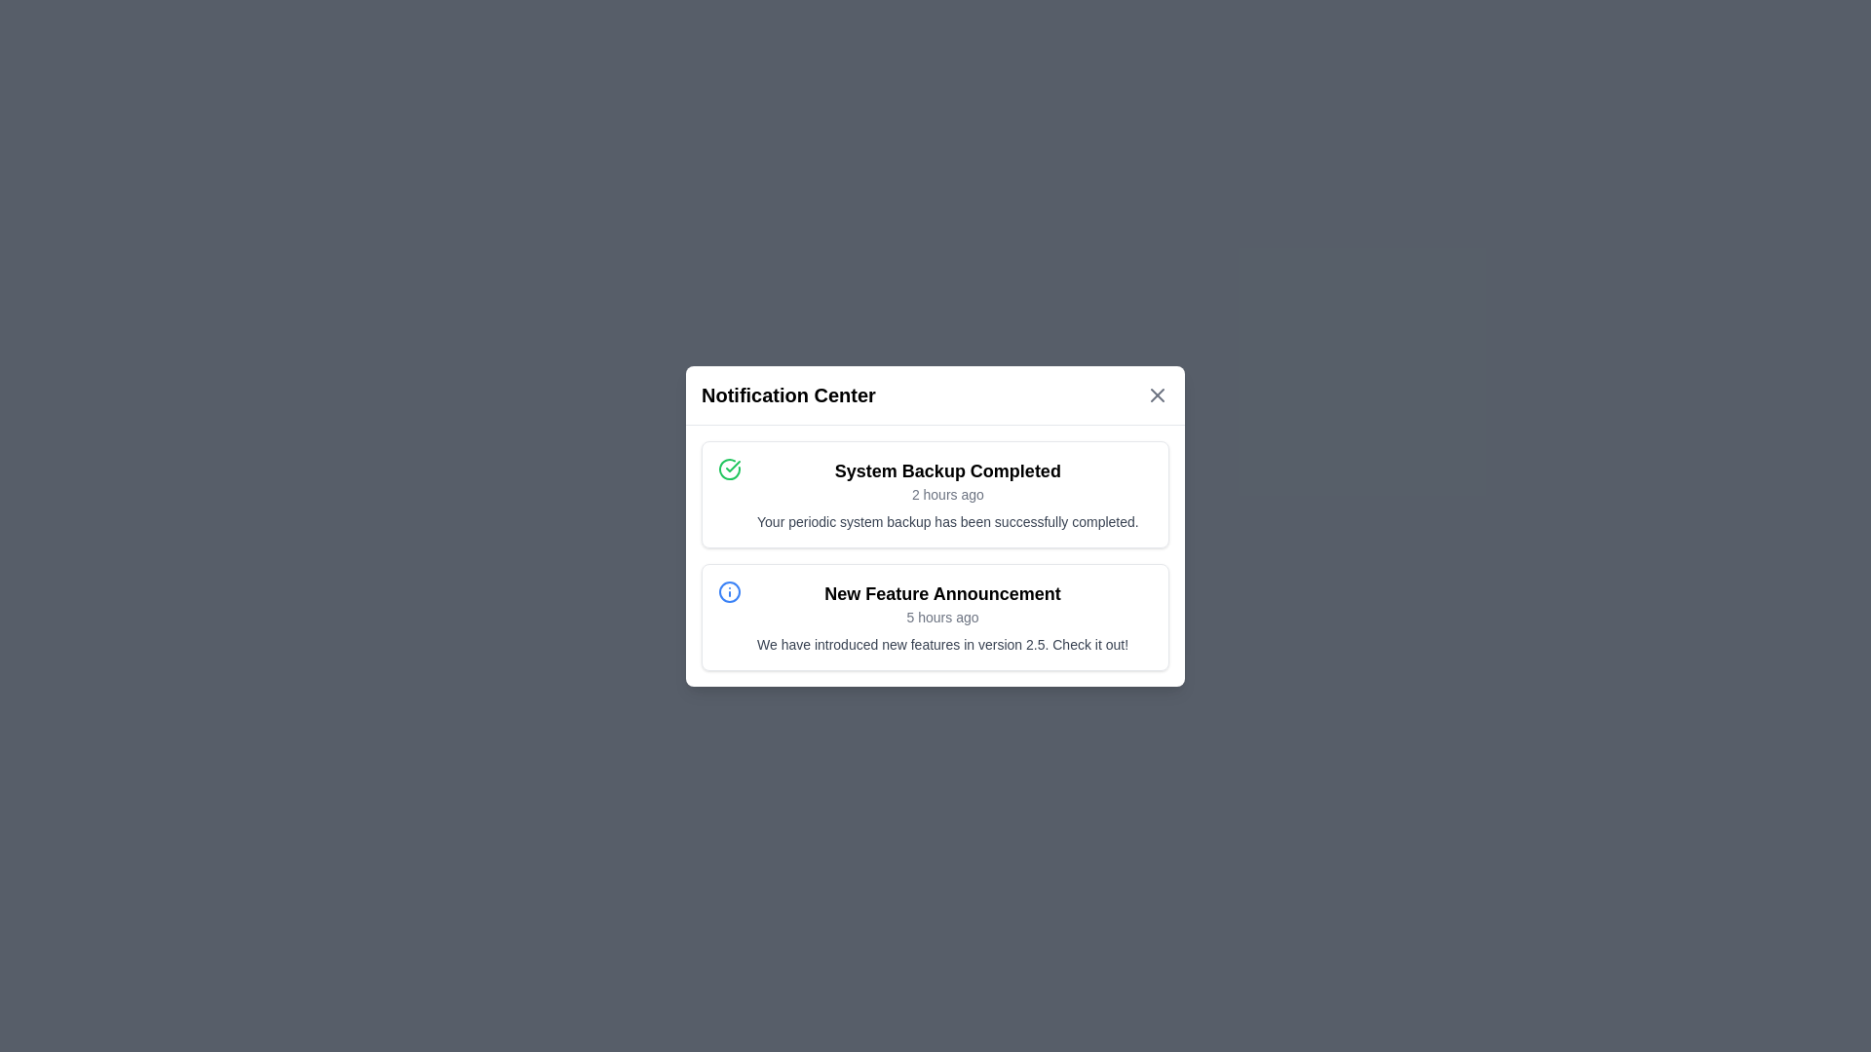 The width and height of the screenshot is (1871, 1052). Describe the element at coordinates (942, 592) in the screenshot. I see `bold headline text labeled 'New Feature Announcement' located centrally within the second notification card in the Notification Center` at that location.